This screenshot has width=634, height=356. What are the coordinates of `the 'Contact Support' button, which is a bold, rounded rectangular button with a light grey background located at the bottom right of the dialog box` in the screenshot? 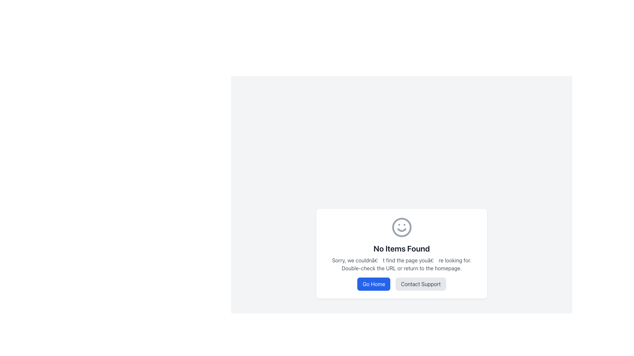 It's located at (420, 283).